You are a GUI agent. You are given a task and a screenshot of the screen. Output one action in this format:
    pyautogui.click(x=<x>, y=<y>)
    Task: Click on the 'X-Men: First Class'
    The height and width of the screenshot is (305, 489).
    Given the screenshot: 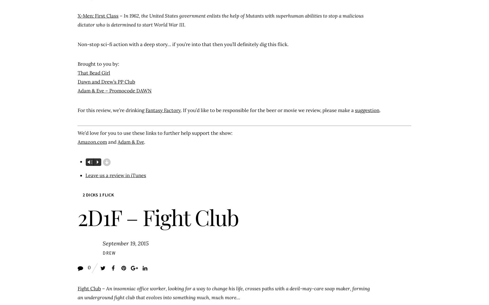 What is the action you would take?
    pyautogui.click(x=98, y=16)
    